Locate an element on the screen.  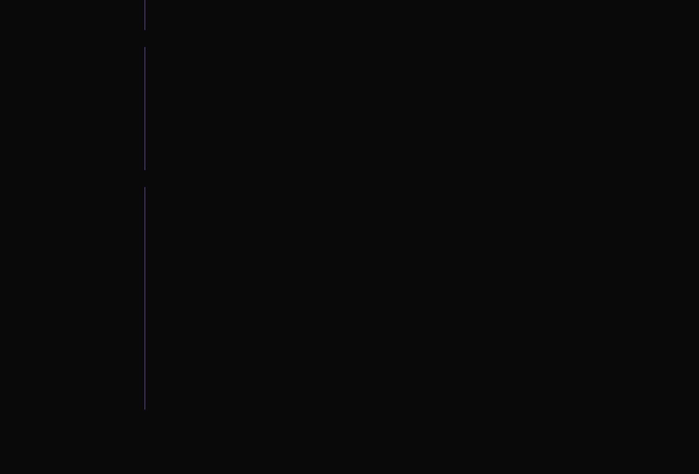
'First Avenue' is located at coordinates (98, 316).